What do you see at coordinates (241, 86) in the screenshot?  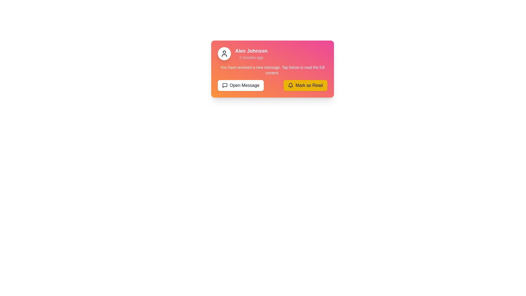 I see `the button located at the bottom left corner of the notification card to change its background color` at bounding box center [241, 86].